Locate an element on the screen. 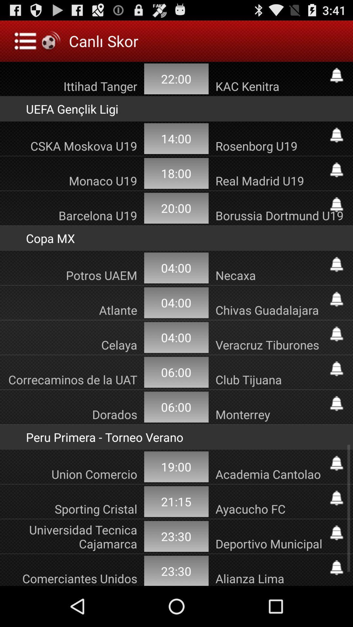 This screenshot has width=353, height=627. allarm is located at coordinates (336, 170).